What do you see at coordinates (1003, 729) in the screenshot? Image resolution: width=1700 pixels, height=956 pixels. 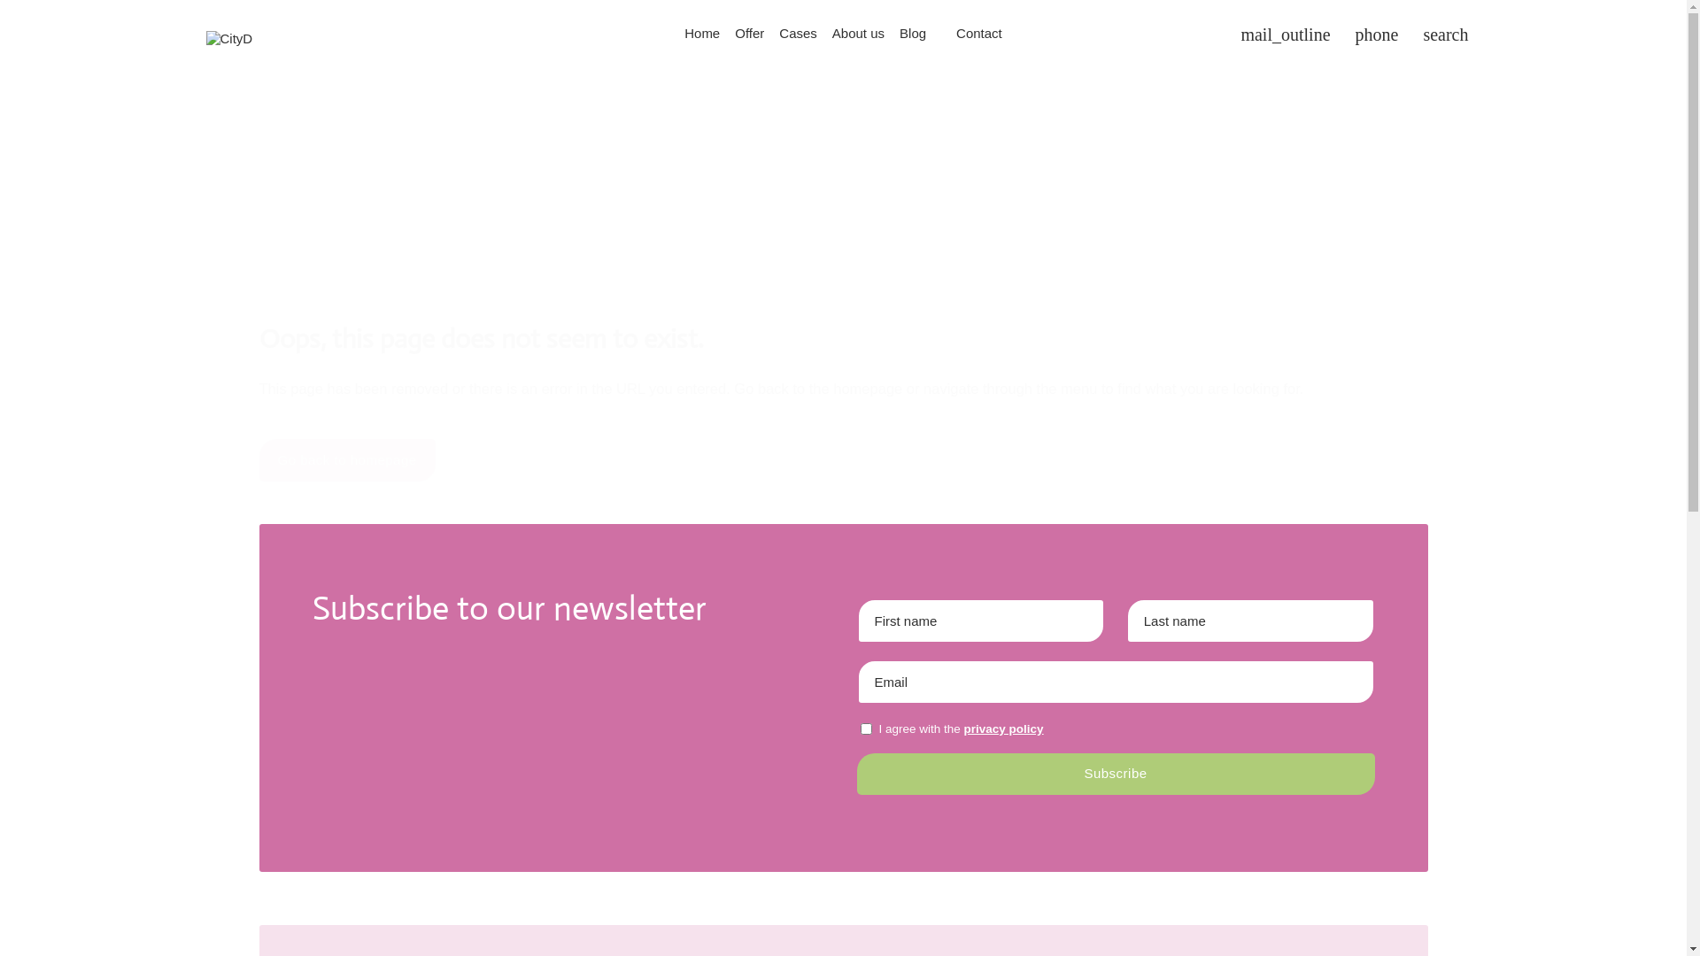 I see `'privacy policy'` at bounding box center [1003, 729].